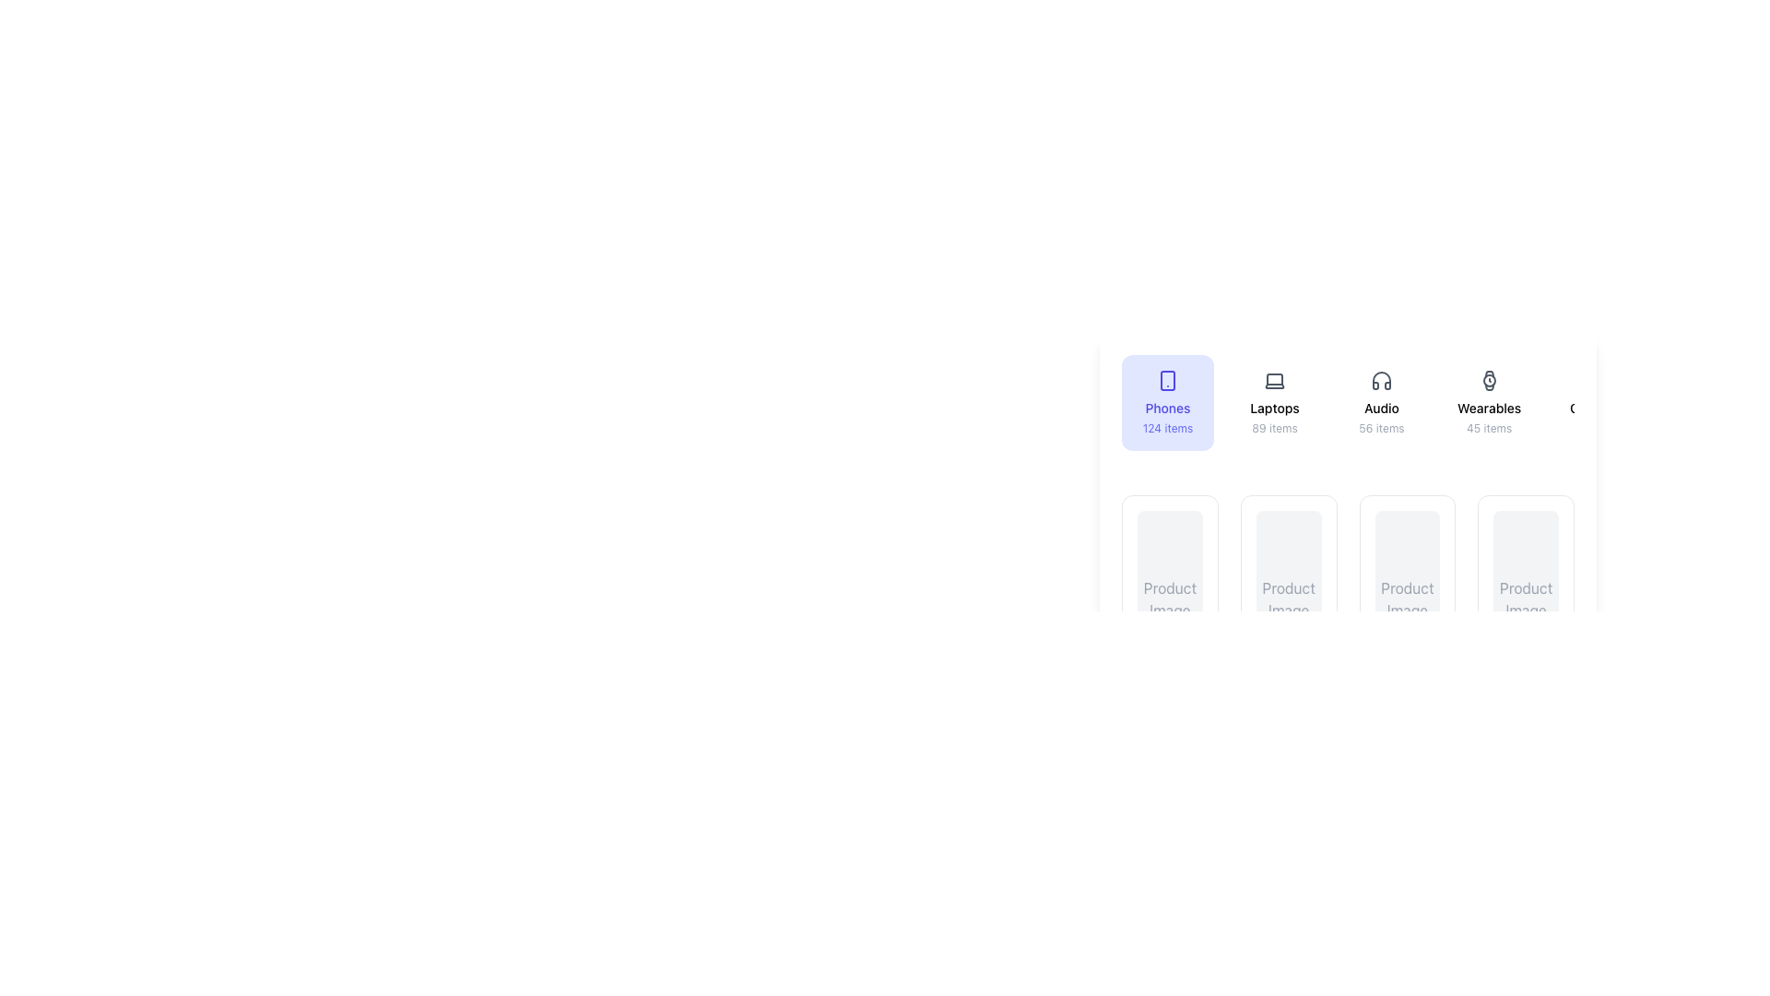 This screenshot has height=996, width=1770. What do you see at coordinates (1489, 401) in the screenshot?
I see `the Interactive category card labeled 'Wearables', which features a watch icon at the top and indicates '45 items', to filter or navigate to the 'Wearables' section` at bounding box center [1489, 401].